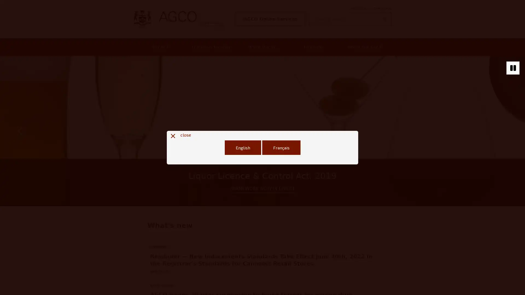  I want to click on Search, so click(384, 19).